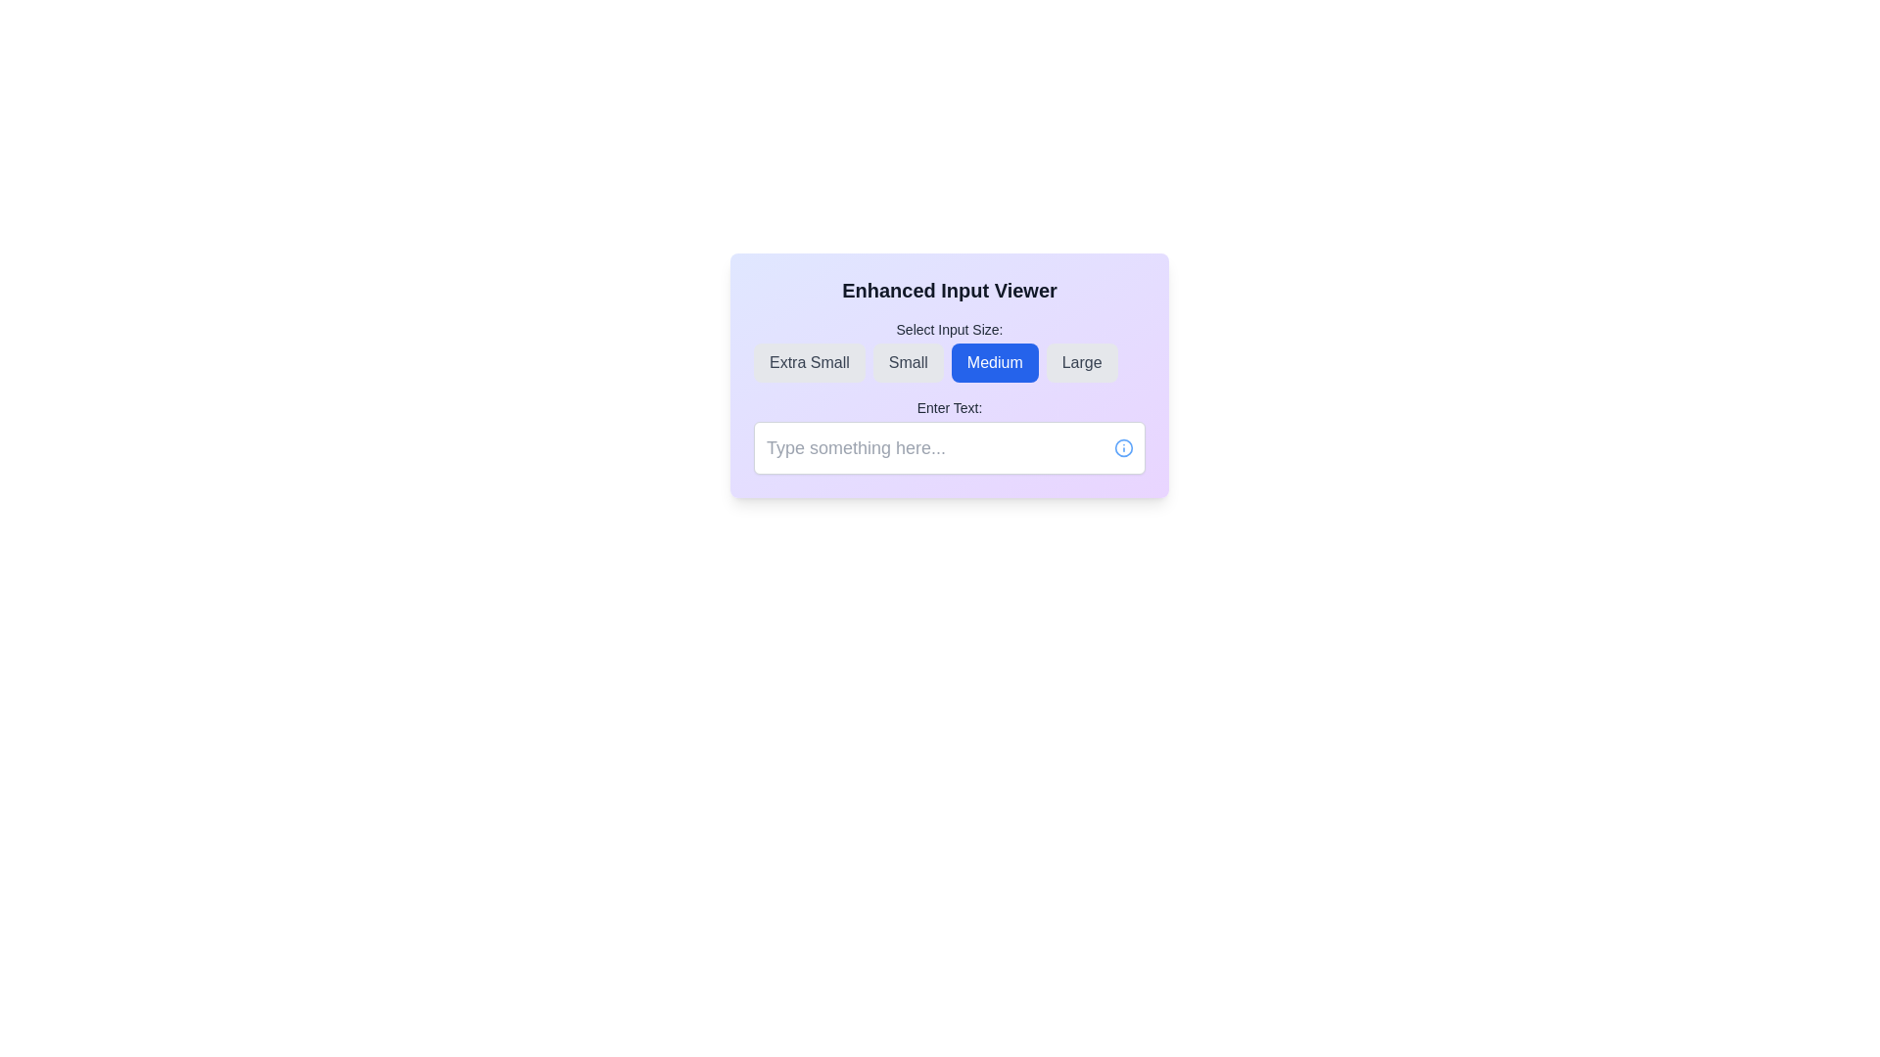  Describe the element at coordinates (949, 362) in the screenshot. I see `the 'Medium' size button located under the label 'Select Input Size:', which is the third button from the left between 'Small' and 'Large'` at that location.